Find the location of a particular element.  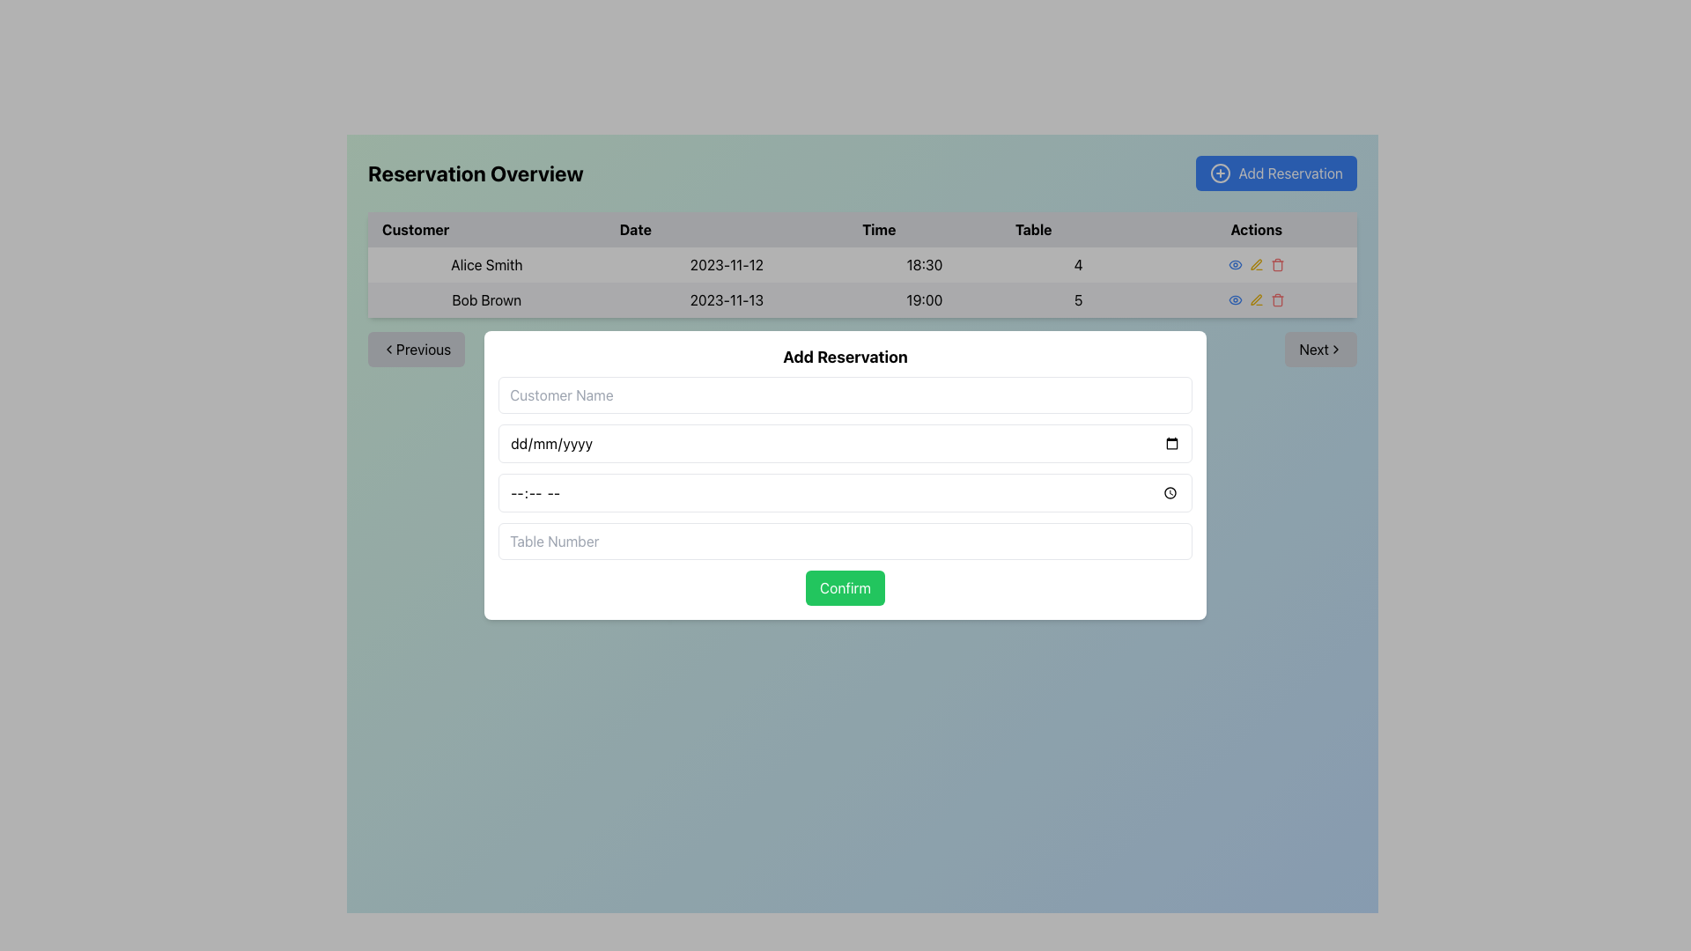

the 'Edit' icon button located in the 'Actions' column of the second row in the reservation table is located at coordinates (1255, 299).